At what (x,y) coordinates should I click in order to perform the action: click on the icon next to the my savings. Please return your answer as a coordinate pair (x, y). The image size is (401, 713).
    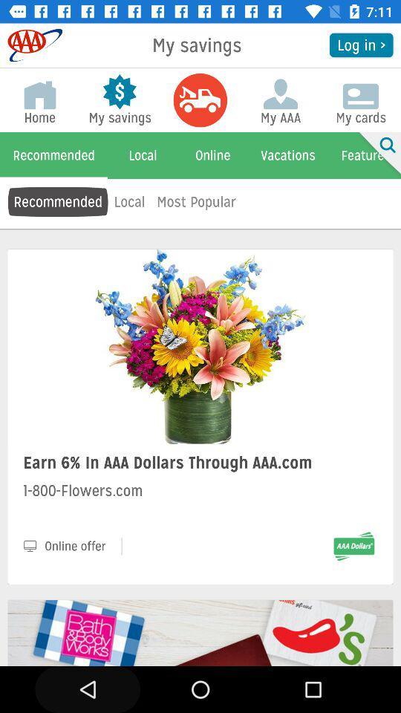
    Looking at the image, I should click on (360, 44).